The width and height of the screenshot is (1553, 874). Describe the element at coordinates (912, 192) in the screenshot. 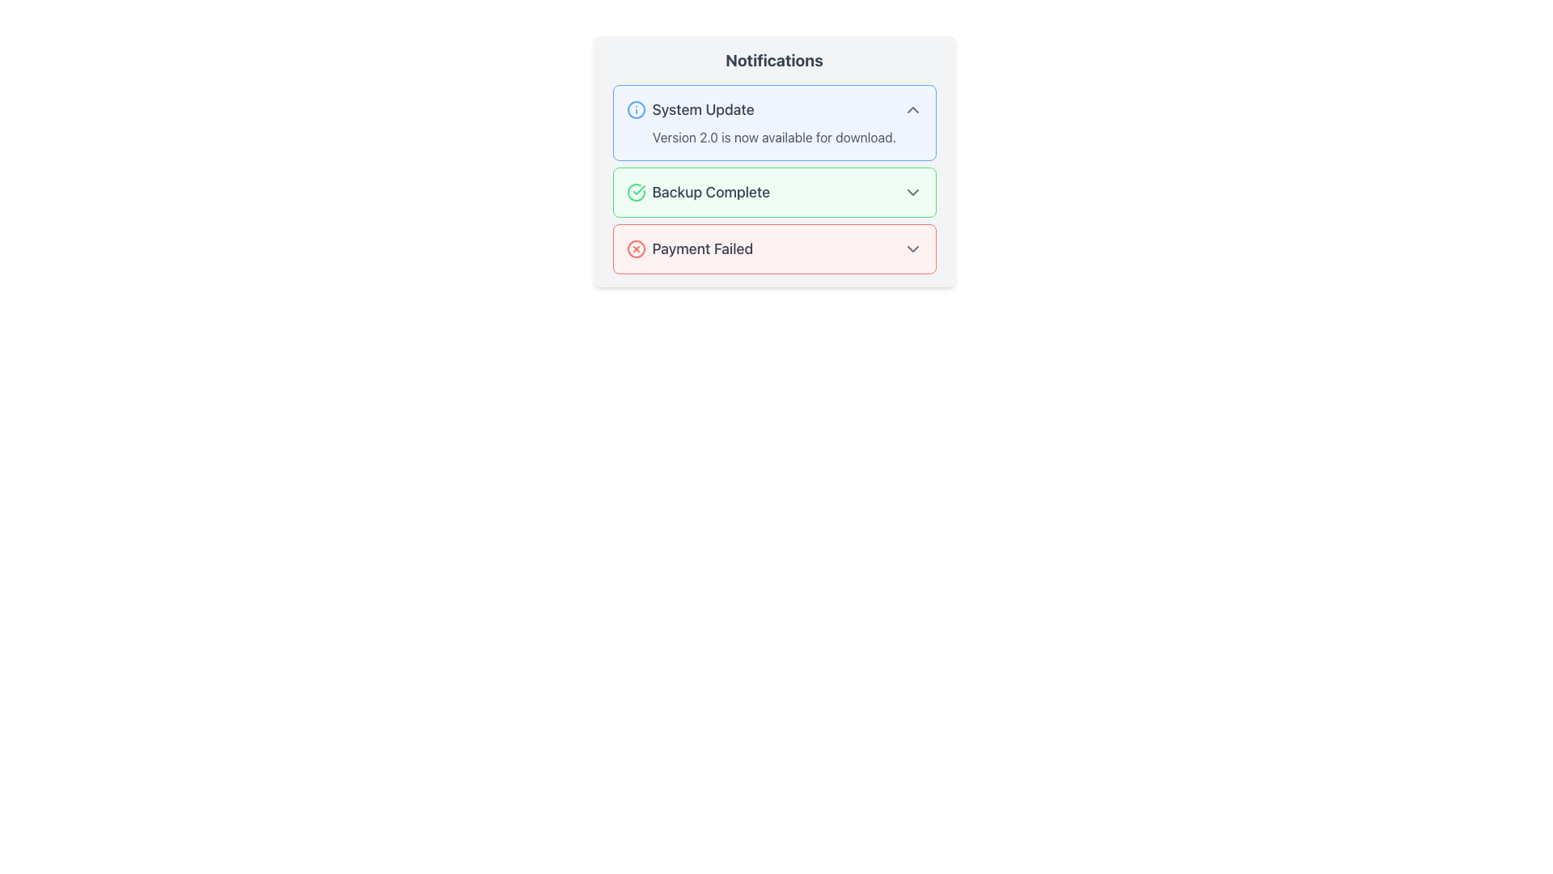

I see `the dropdown toggle button for the 'Backup Complete' notification` at that location.